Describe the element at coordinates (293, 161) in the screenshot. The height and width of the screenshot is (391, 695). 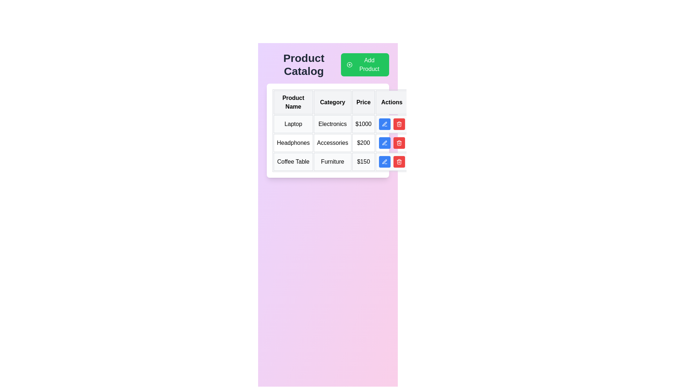
I see `the static text element displaying 'Coffee Table', which is located in the third row and first column of the table, bordered by a thin gray line` at that location.